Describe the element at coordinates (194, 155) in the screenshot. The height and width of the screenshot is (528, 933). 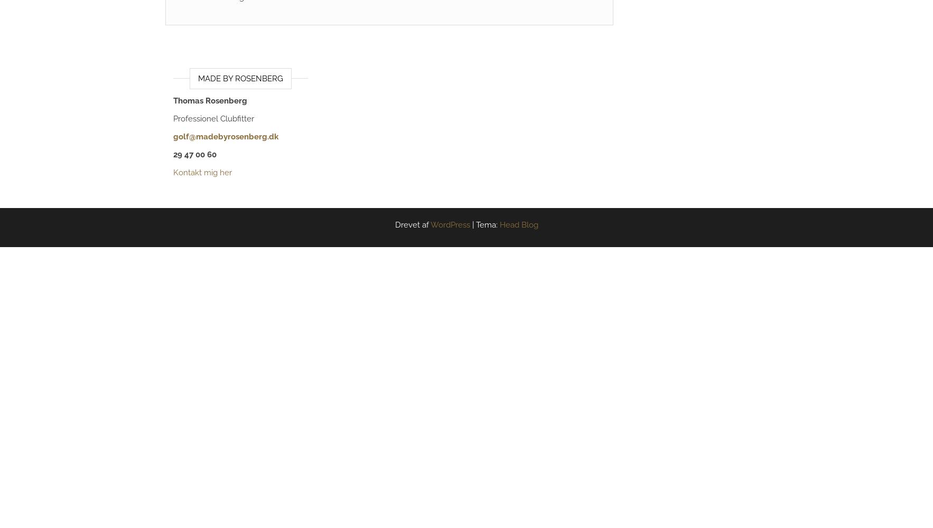
I see `'29 47 00 60'` at that location.